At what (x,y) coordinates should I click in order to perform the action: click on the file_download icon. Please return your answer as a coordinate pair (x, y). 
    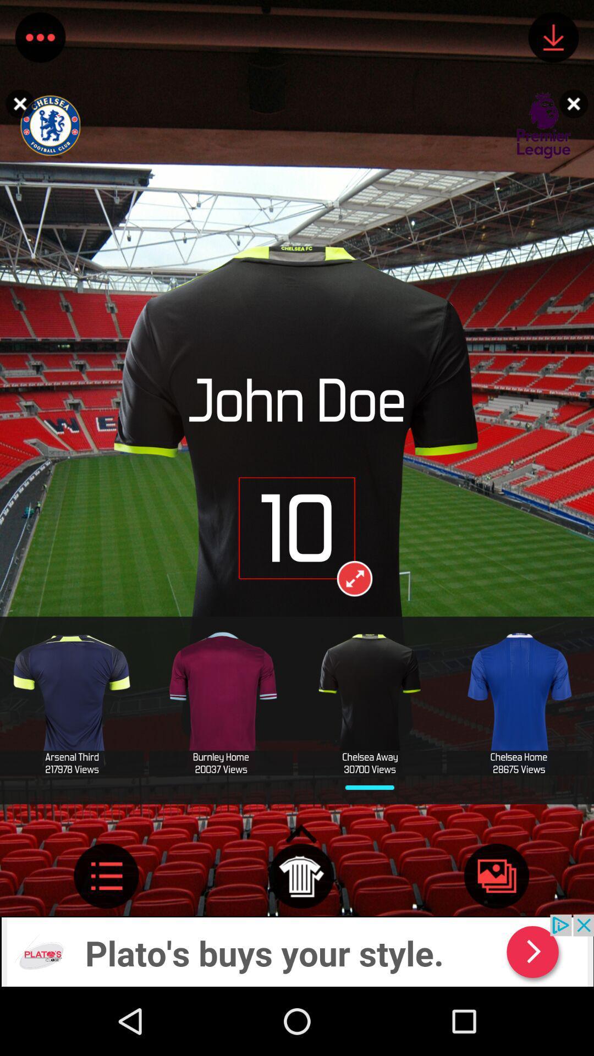
    Looking at the image, I should click on (553, 40).